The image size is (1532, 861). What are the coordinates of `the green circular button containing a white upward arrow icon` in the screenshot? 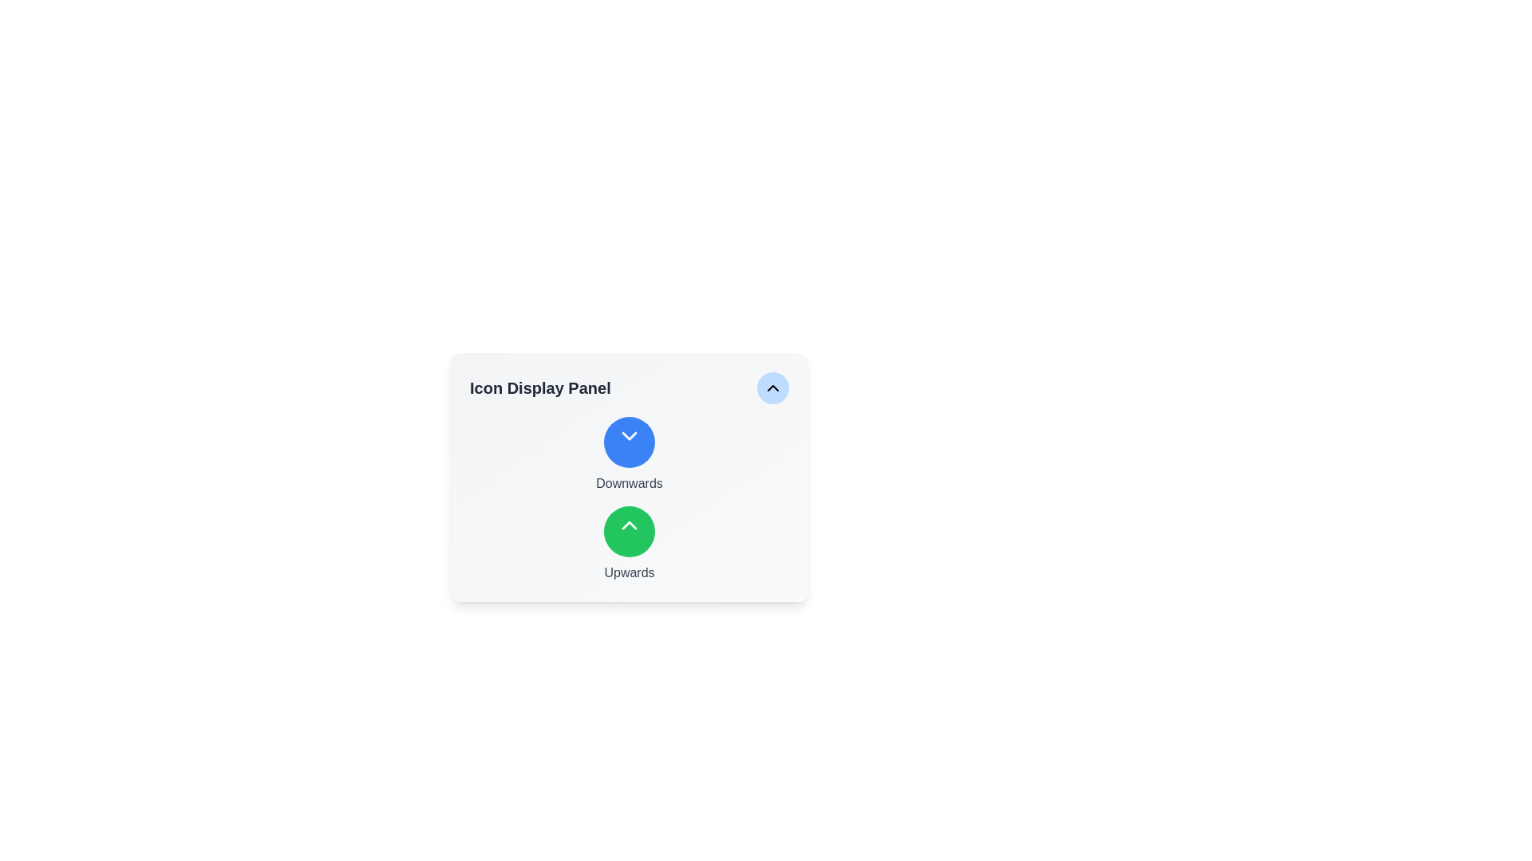 It's located at (628, 529).